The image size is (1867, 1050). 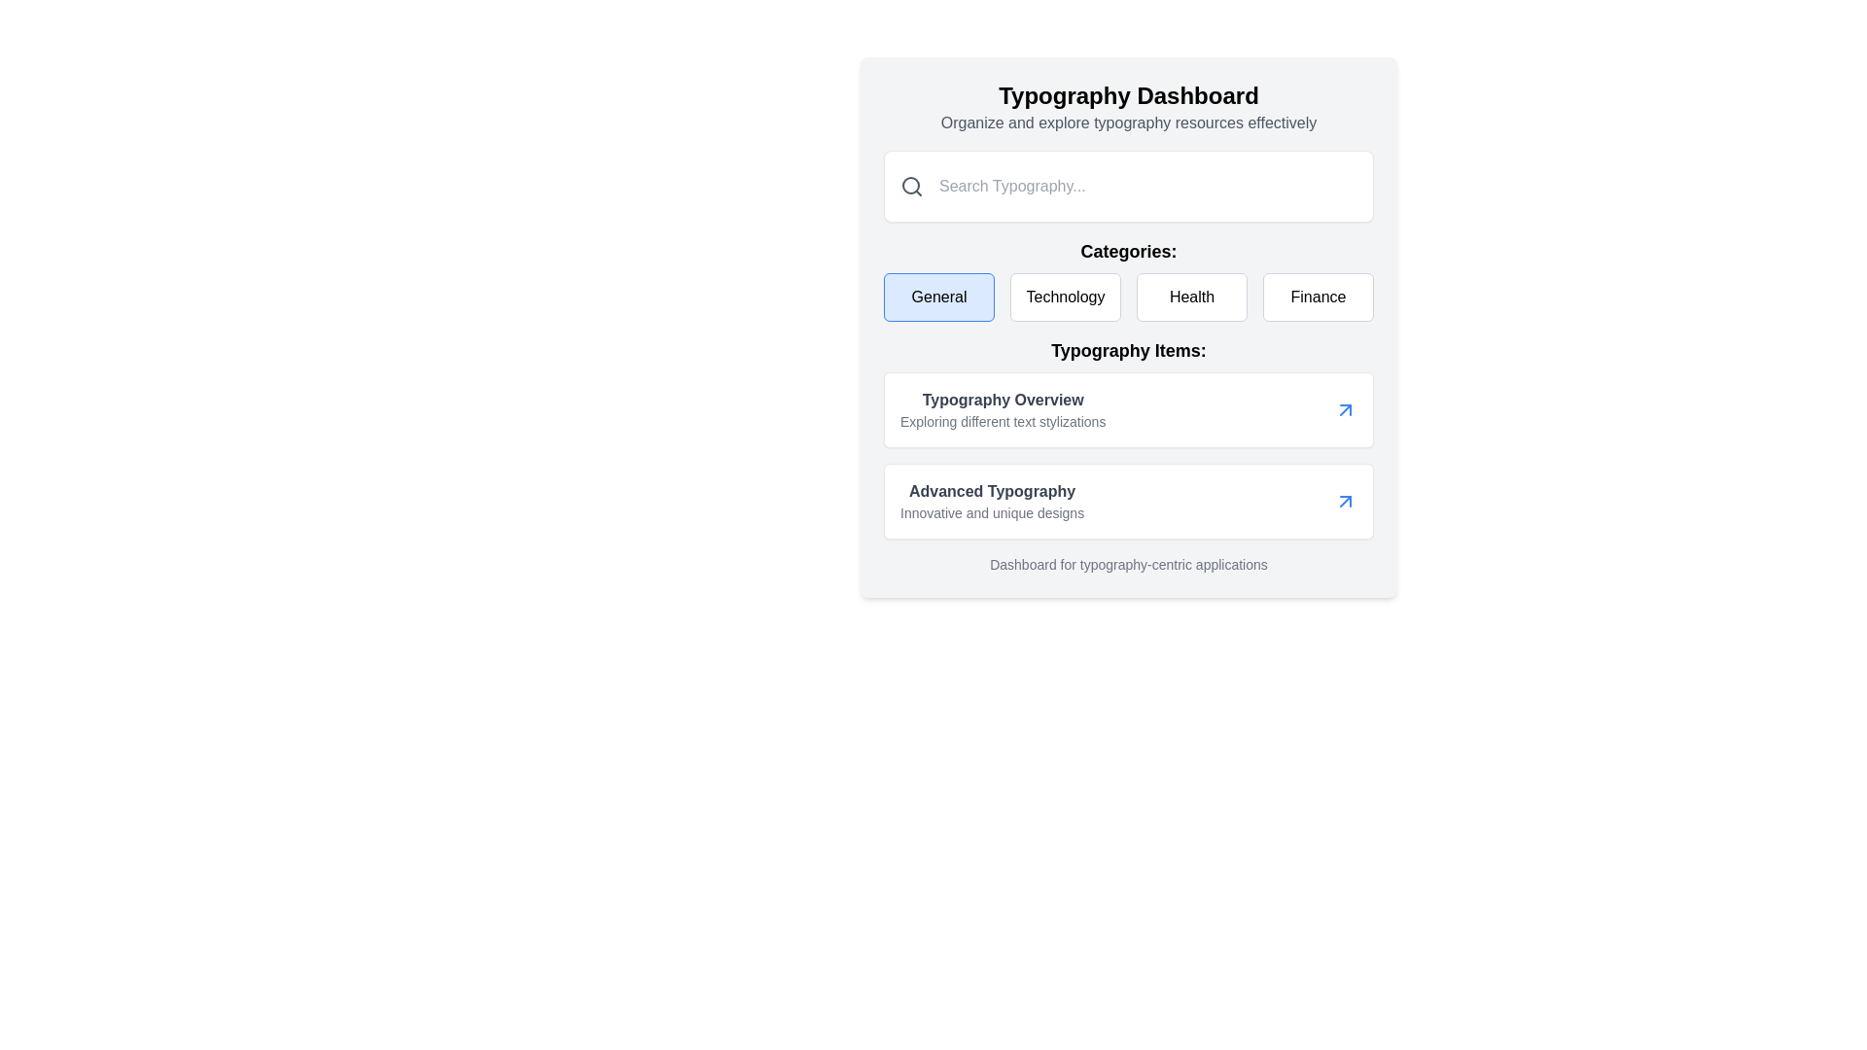 What do you see at coordinates (1129, 108) in the screenshot?
I see `text of the composite element consisting of a bold header 'Typography Dashboard' and a subtitle 'Organize and explore typography resources effectively', located at the top center of the interface` at bounding box center [1129, 108].